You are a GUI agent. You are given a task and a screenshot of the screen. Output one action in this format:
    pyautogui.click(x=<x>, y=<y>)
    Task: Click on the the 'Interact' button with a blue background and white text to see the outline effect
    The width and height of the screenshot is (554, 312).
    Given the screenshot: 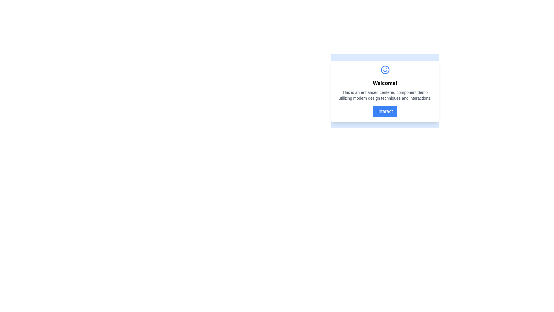 What is the action you would take?
    pyautogui.click(x=385, y=111)
    